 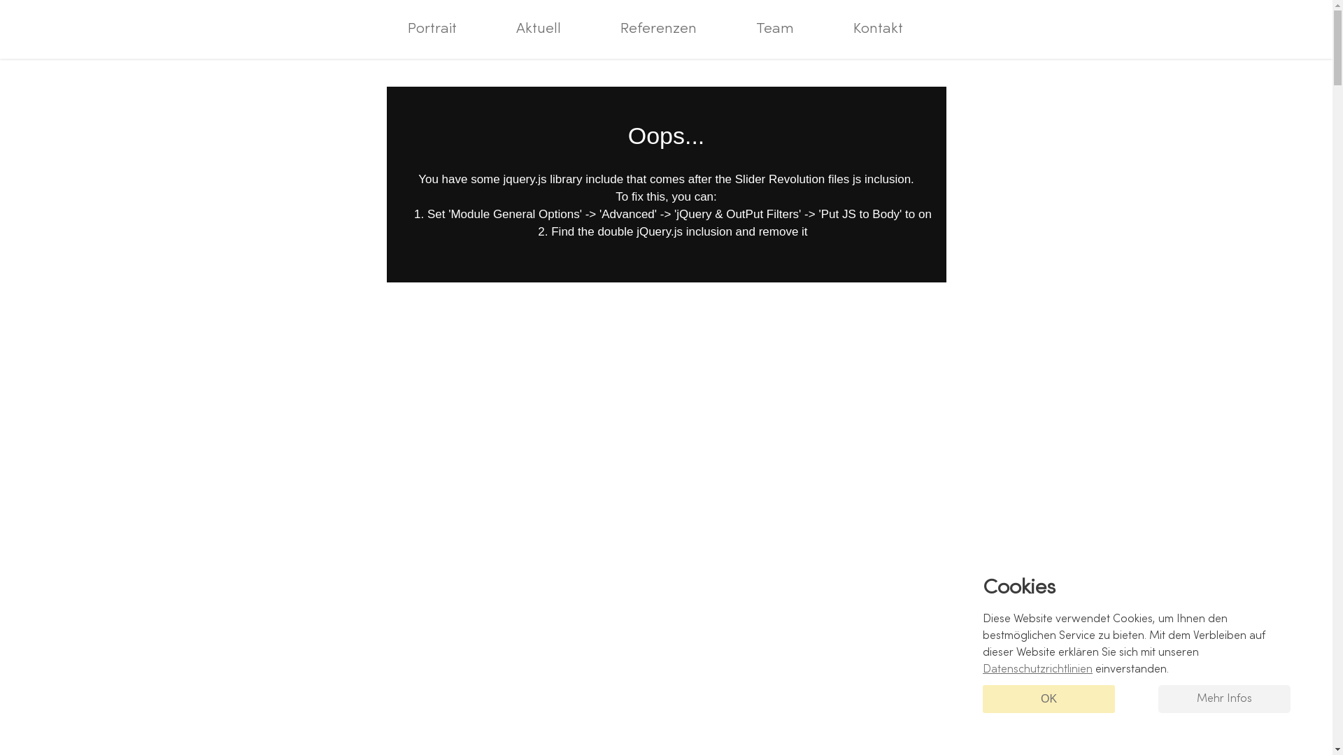 I want to click on 'Datenschutzrichtlinien', so click(x=982, y=668).